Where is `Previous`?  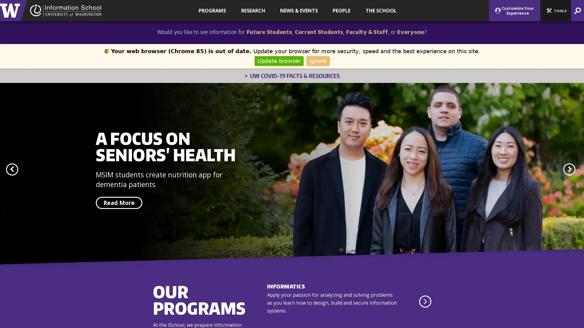 Previous is located at coordinates (12, 169).